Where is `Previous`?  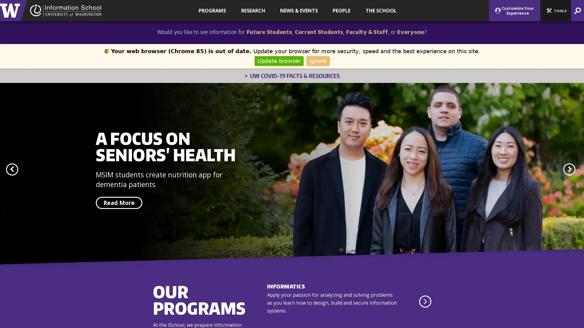 Previous is located at coordinates (12, 169).